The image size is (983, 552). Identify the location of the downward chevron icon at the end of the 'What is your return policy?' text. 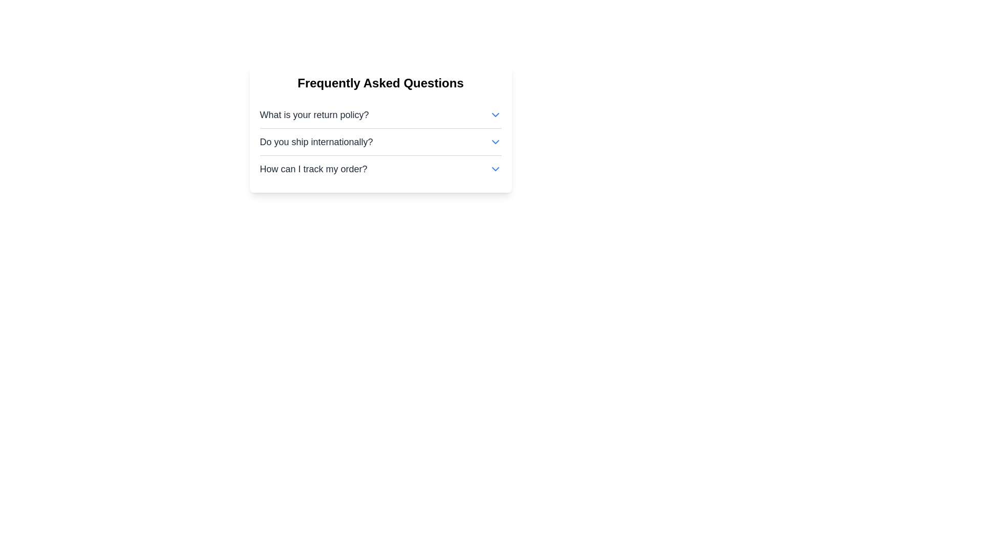
(495, 114).